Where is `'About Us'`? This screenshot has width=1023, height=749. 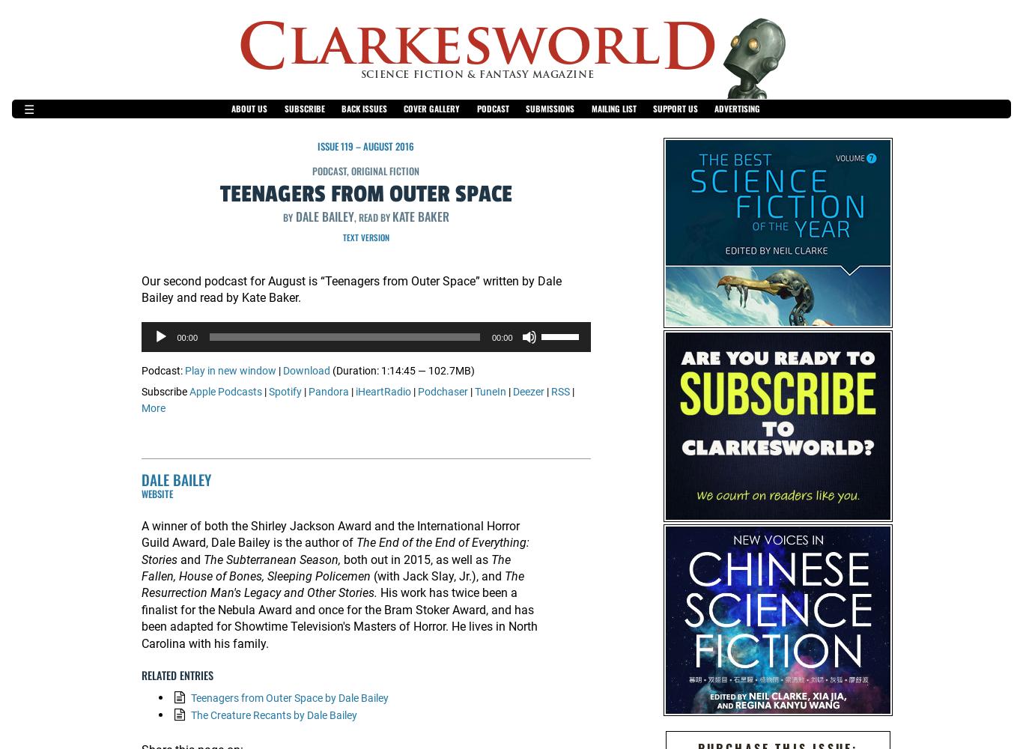 'About Us' is located at coordinates (231, 109).